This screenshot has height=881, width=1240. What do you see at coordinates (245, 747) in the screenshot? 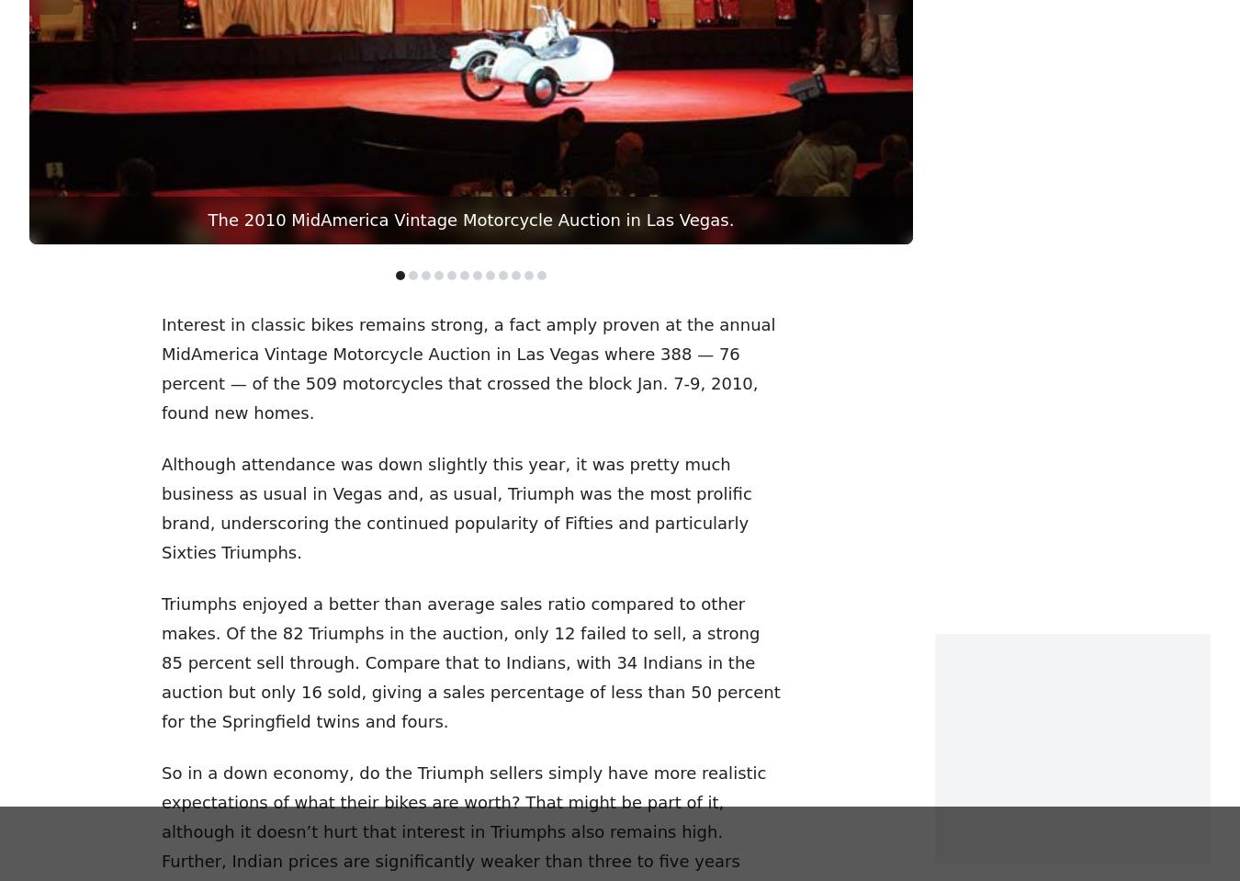
I see `'Access to videos covering ride reviews, project bikes, event coverage & museum tours'` at bounding box center [245, 747].